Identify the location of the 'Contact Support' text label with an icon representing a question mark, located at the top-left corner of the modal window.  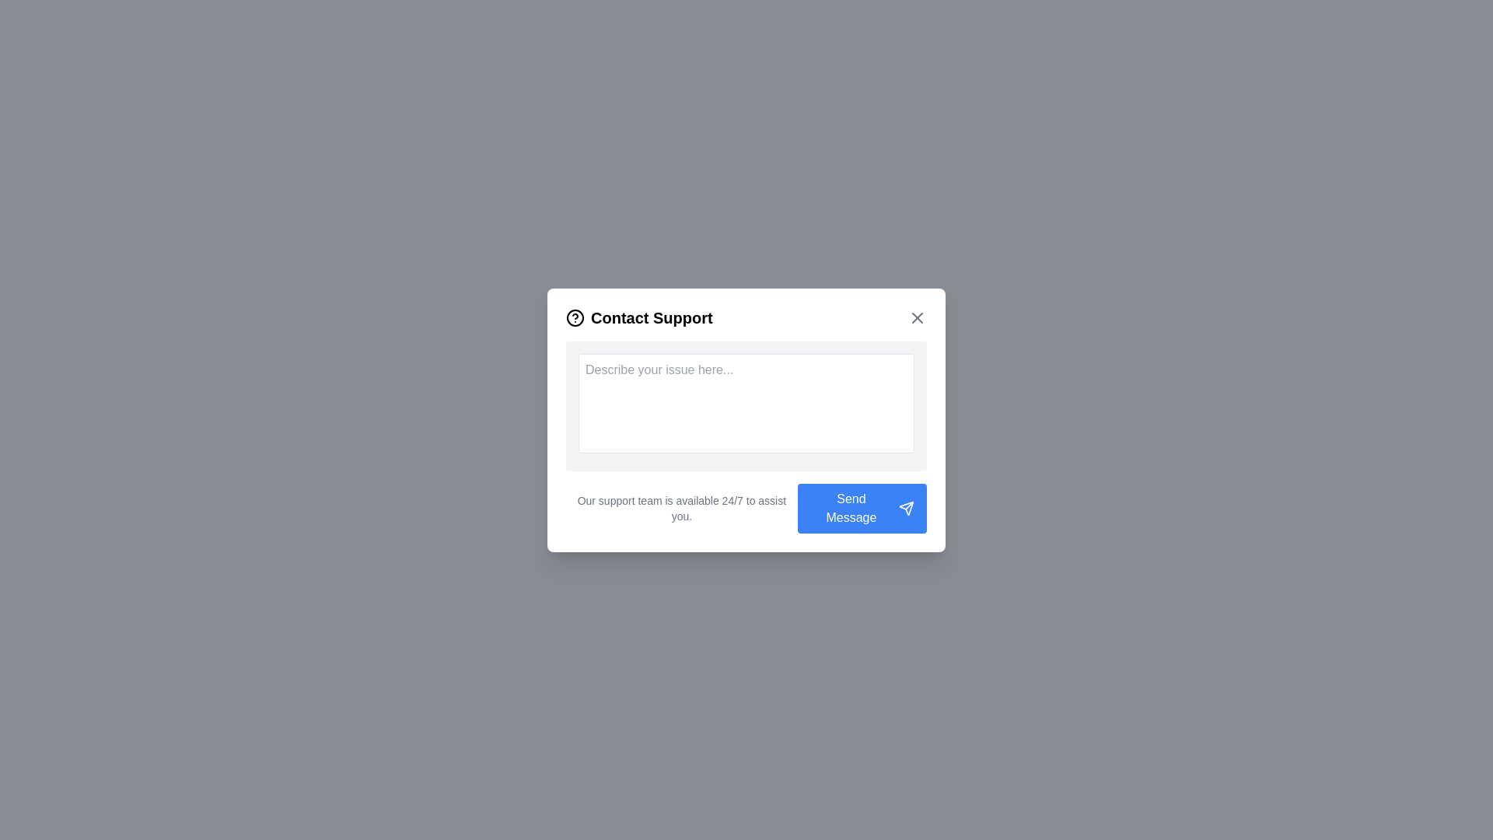
(639, 317).